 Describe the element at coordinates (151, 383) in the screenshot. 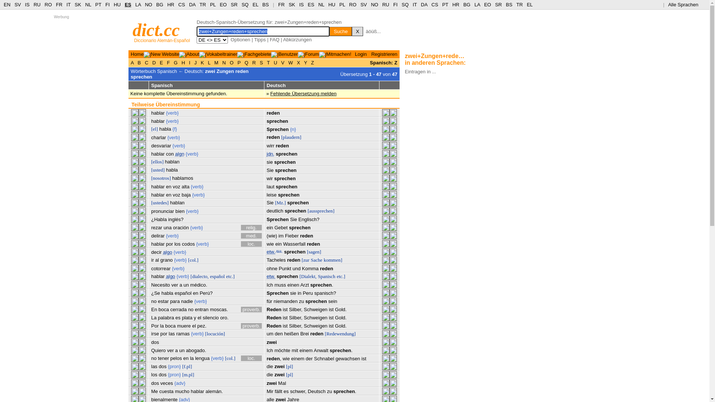

I see `'dos'` at that location.